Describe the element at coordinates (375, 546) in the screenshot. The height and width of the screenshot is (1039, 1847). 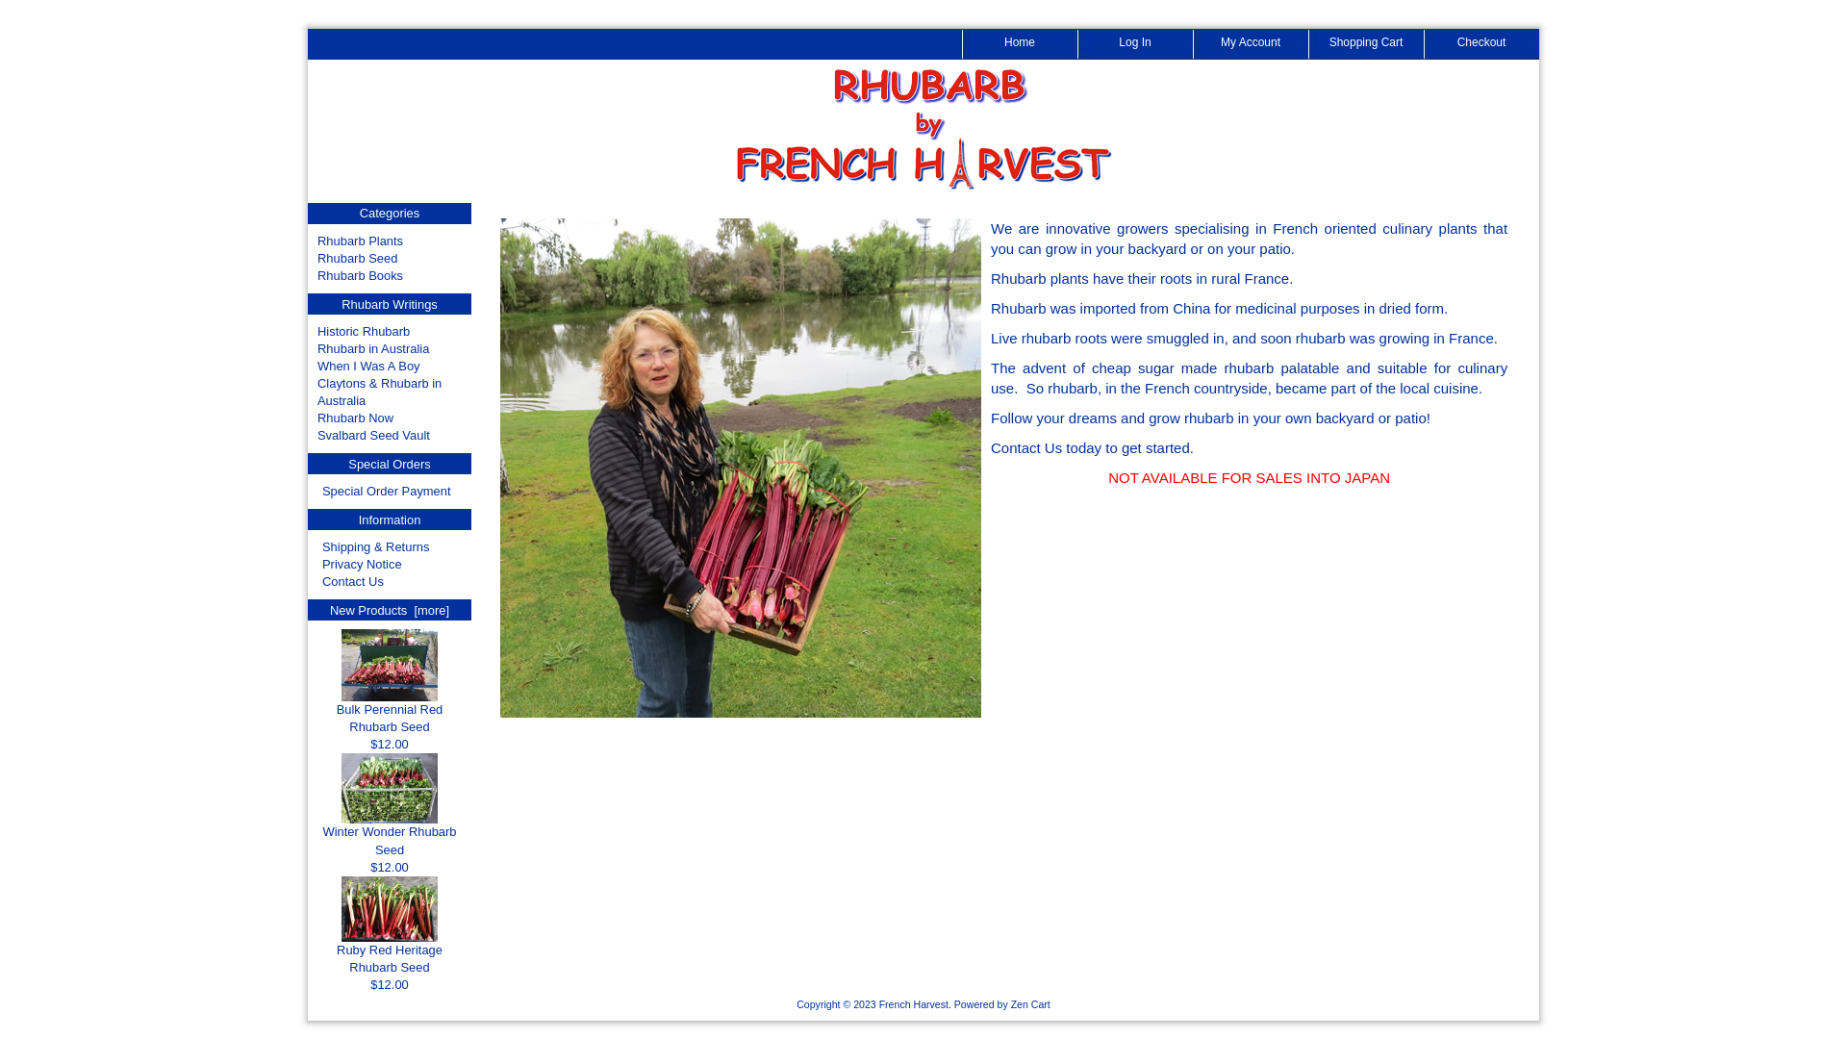
I see `'Shipping & Returns'` at that location.